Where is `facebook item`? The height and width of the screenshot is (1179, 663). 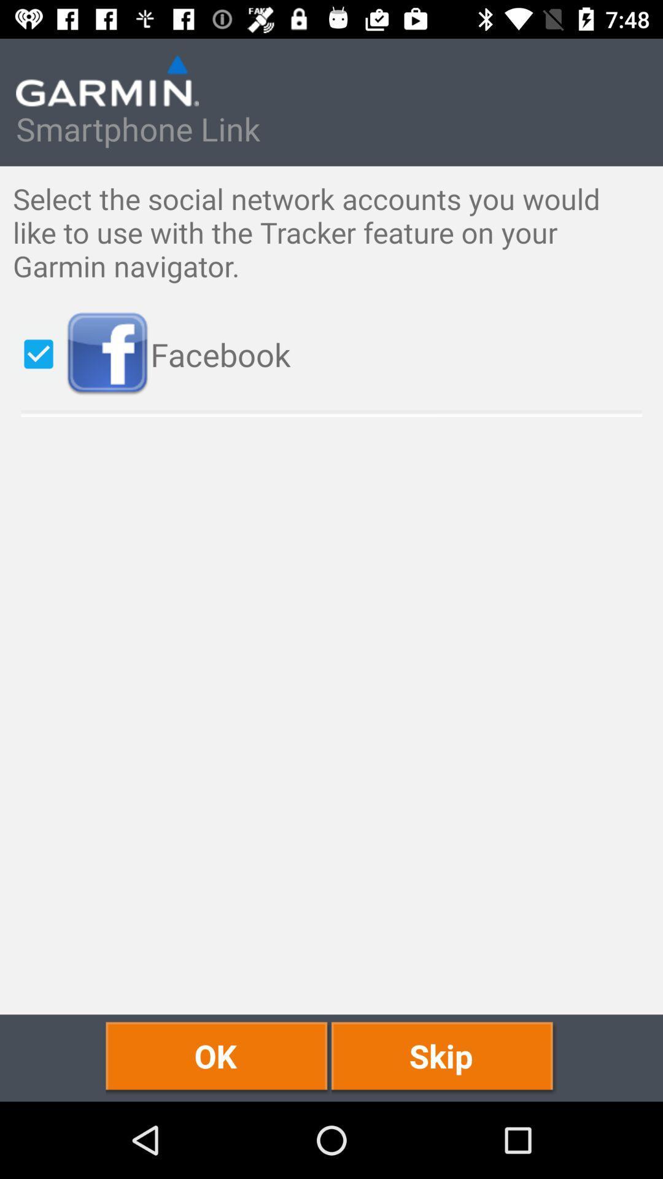
facebook item is located at coordinates (357, 354).